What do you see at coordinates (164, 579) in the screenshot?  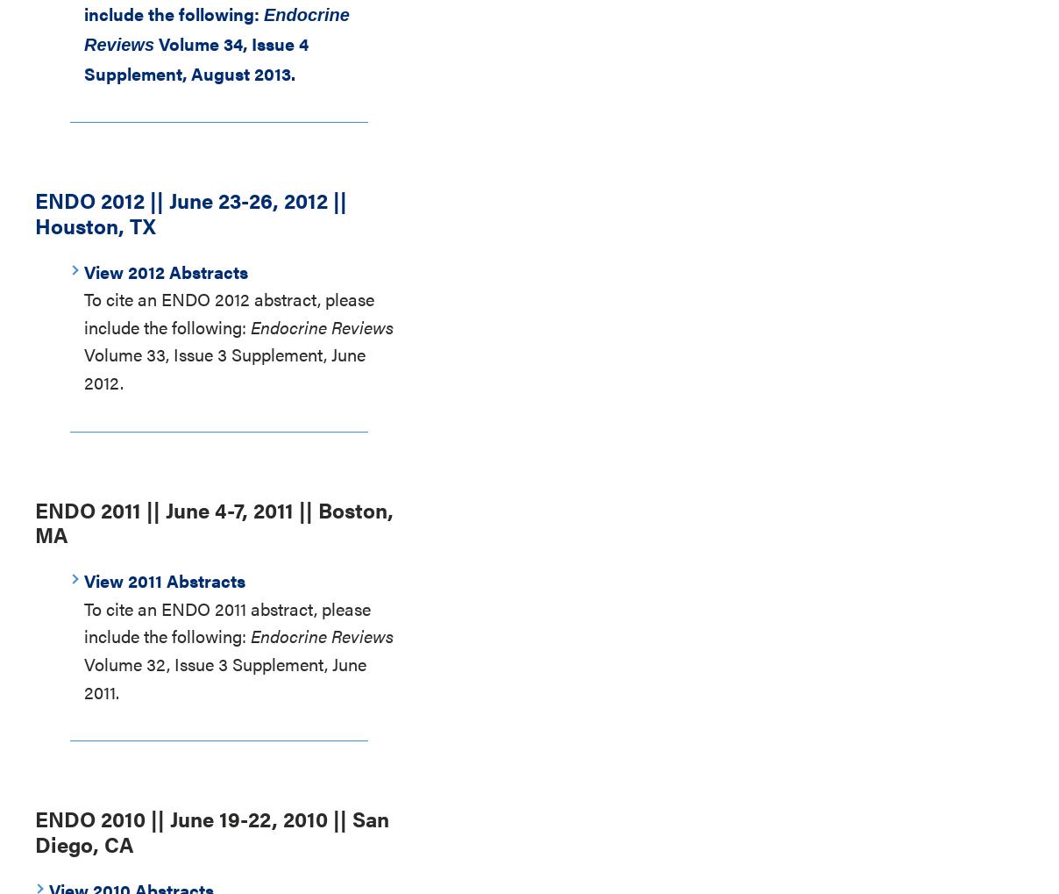 I see `'View 2011 Abstracts'` at bounding box center [164, 579].